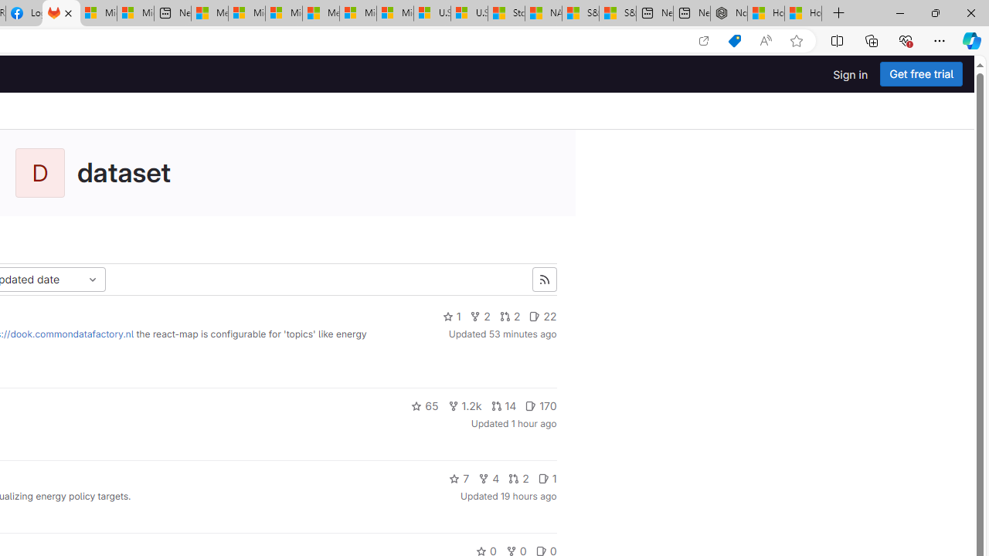  Describe the element at coordinates (766, 40) in the screenshot. I see `'Read aloud this page (Ctrl+Shift+U)'` at that location.